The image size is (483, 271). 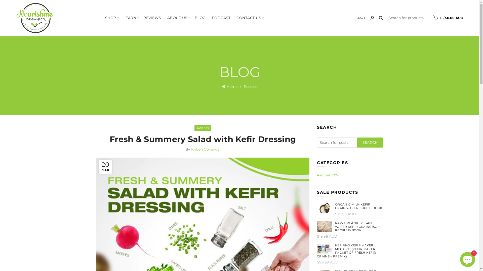 What do you see at coordinates (350, 206) in the screenshot?
I see `'ORGANIC MILK KEFIR GRAINS 5G + RECIPE E-BOOK'` at bounding box center [350, 206].